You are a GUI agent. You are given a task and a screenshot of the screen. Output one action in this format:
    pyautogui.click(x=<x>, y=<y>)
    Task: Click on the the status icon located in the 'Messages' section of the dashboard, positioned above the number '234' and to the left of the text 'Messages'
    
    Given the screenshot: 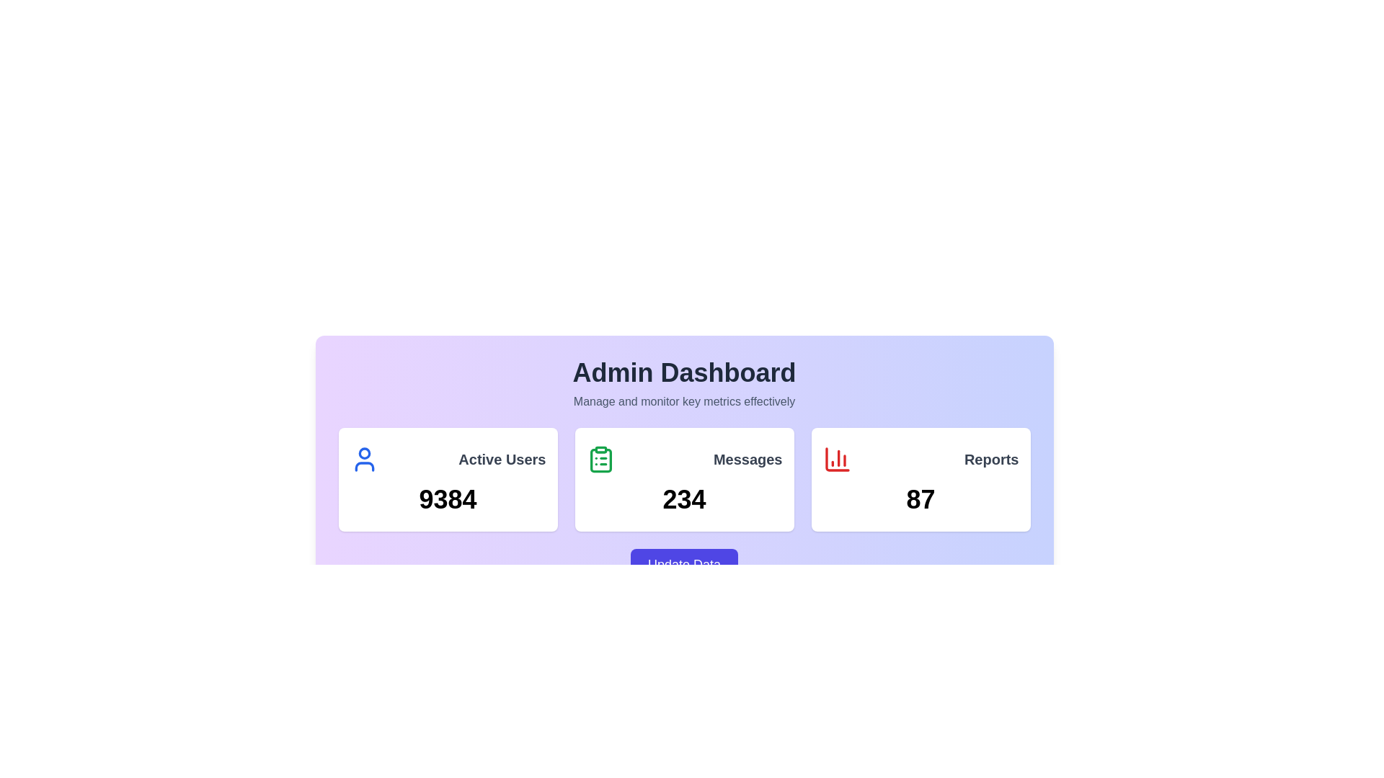 What is the action you would take?
    pyautogui.click(x=600, y=459)
    